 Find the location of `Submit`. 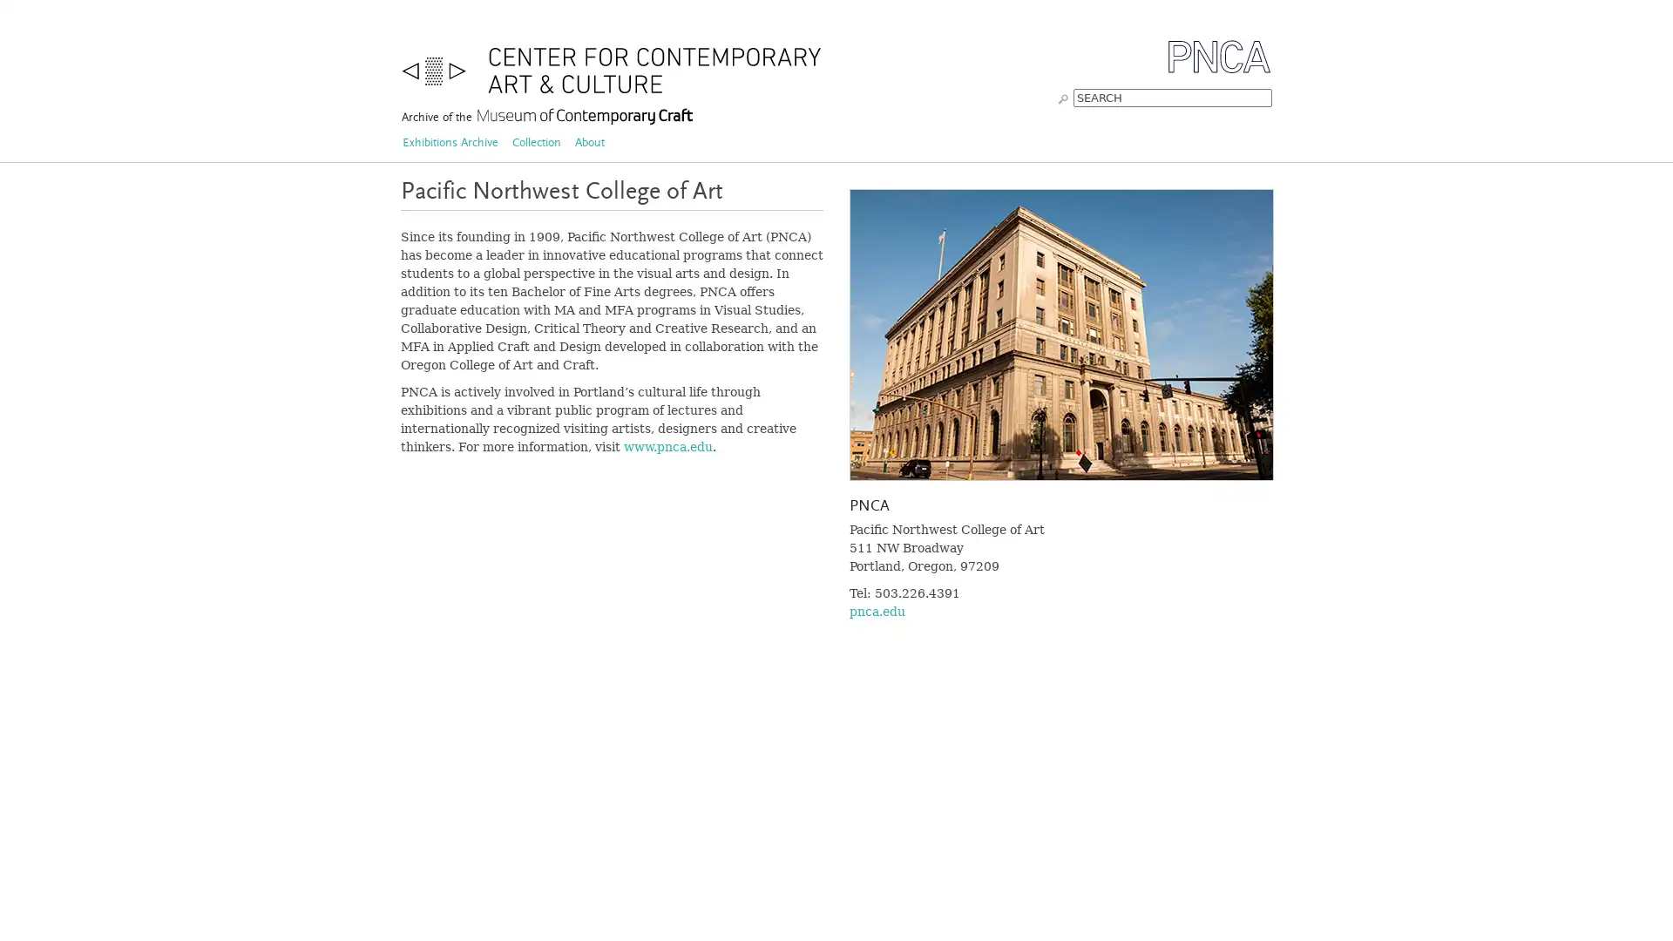

Submit is located at coordinates (1062, 97).